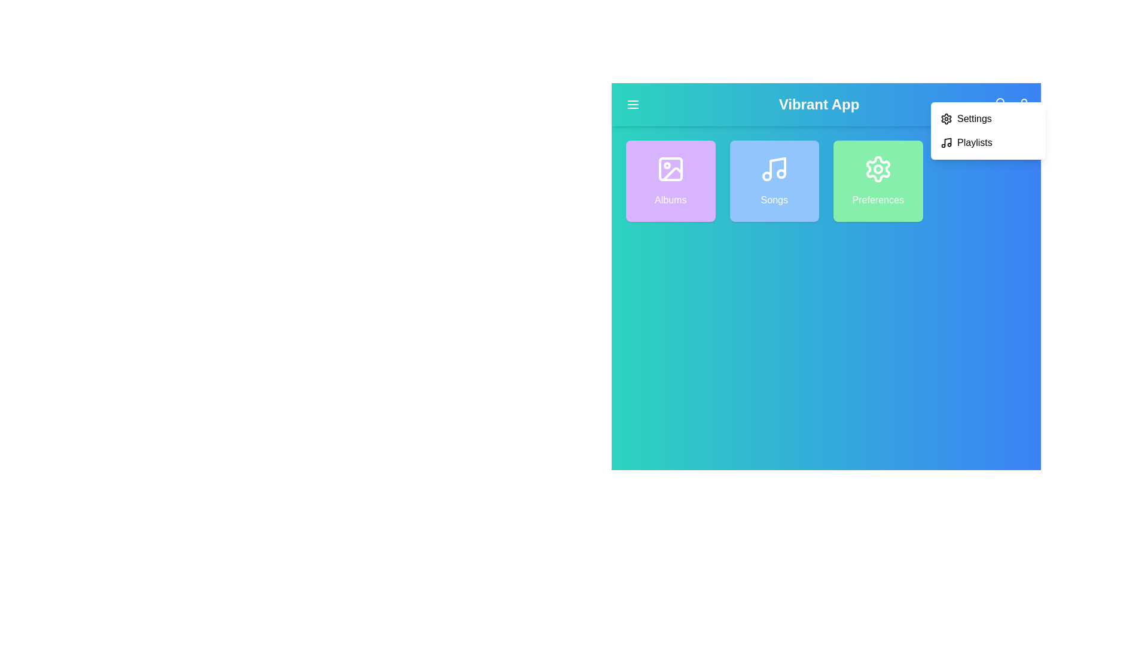 This screenshot has height=646, width=1148. What do you see at coordinates (988, 119) in the screenshot?
I see `the 'Settings' option in the dropdown menu` at bounding box center [988, 119].